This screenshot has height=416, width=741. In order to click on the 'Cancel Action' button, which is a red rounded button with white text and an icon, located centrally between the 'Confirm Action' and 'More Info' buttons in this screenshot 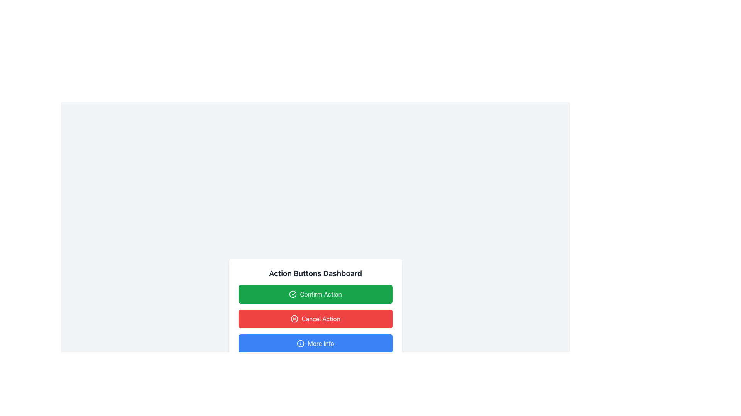, I will do `click(321, 319)`.